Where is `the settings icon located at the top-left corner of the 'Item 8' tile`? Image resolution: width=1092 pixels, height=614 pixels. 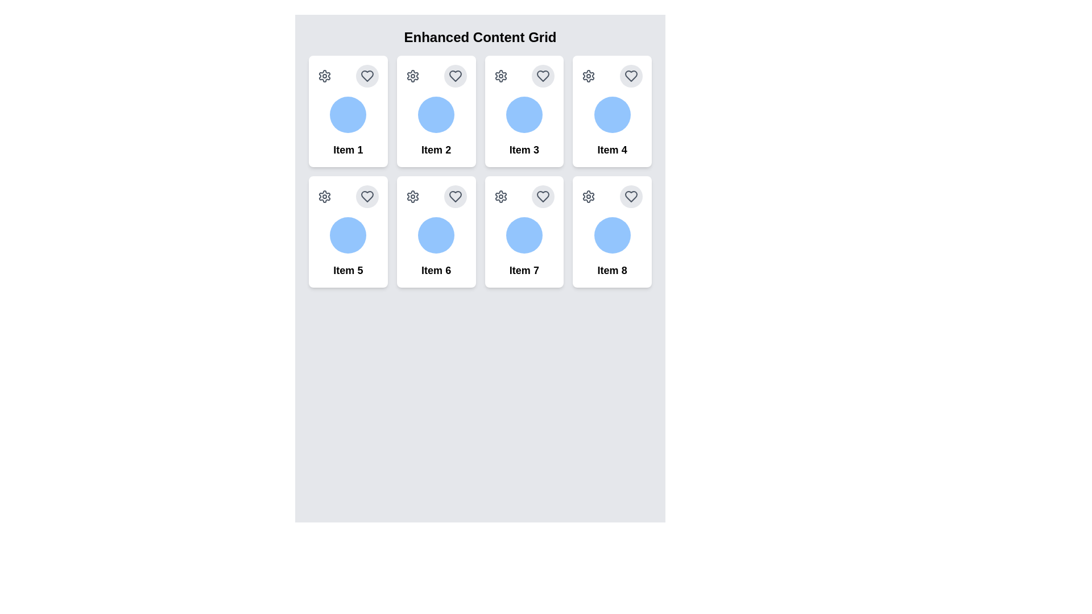
the settings icon located at the top-left corner of the 'Item 8' tile is located at coordinates (589, 196).